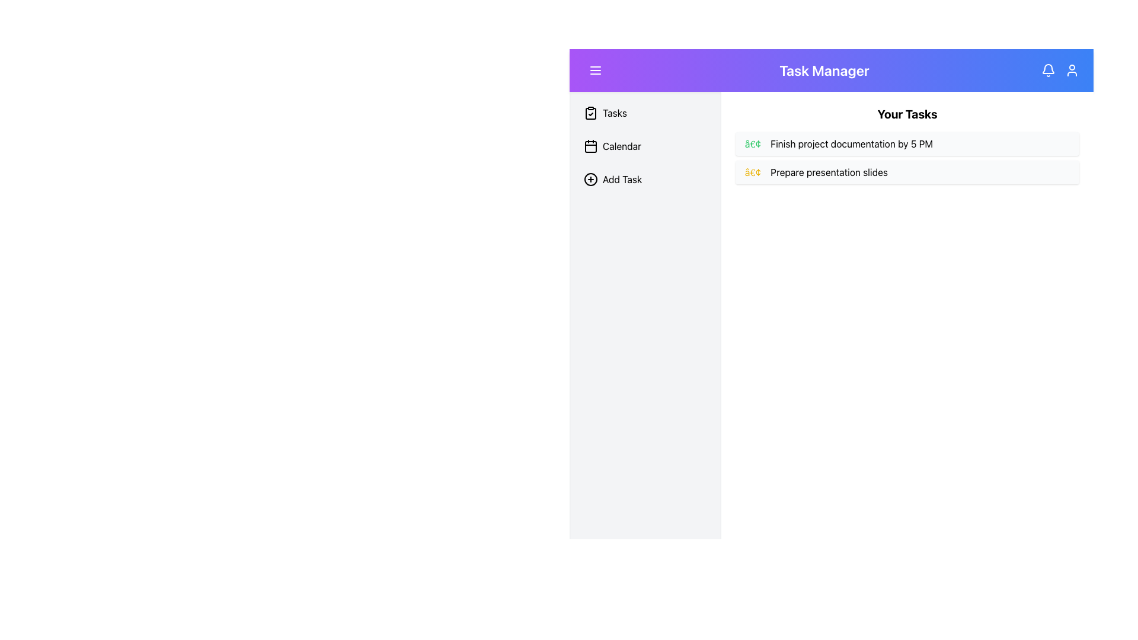 This screenshot has height=640, width=1138. Describe the element at coordinates (907, 143) in the screenshot. I see `task text of the first item in the task manager interface, which is 'Finish project documentation by 5 PM', identified by its light gray background and green bullet point` at that location.